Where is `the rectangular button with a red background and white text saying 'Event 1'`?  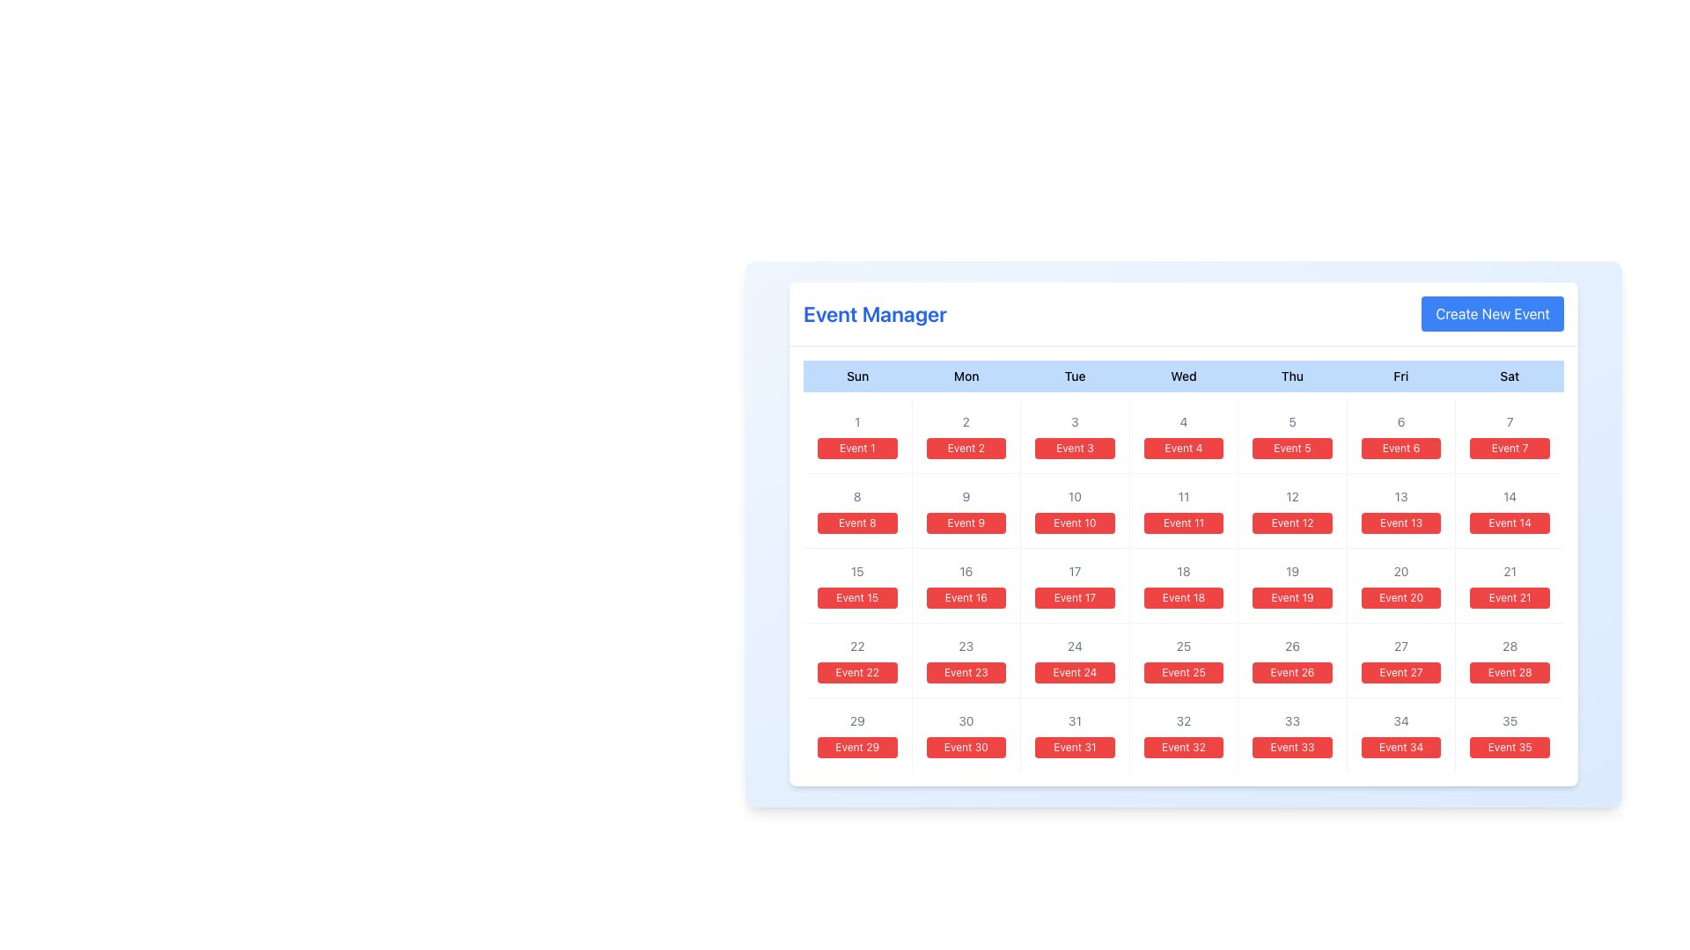
the rectangular button with a red background and white text saying 'Event 1' is located at coordinates (857, 435).